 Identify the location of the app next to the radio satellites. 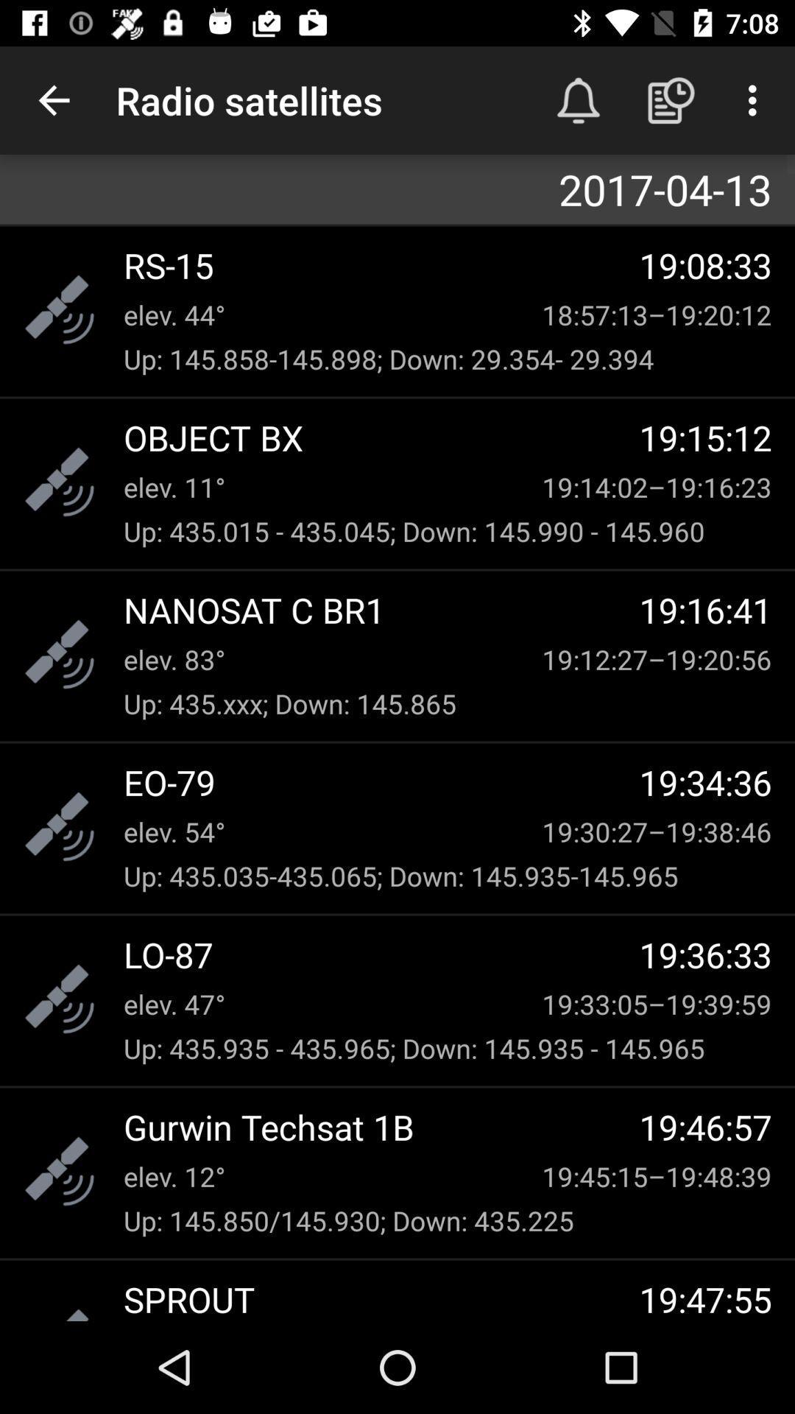
(53, 99).